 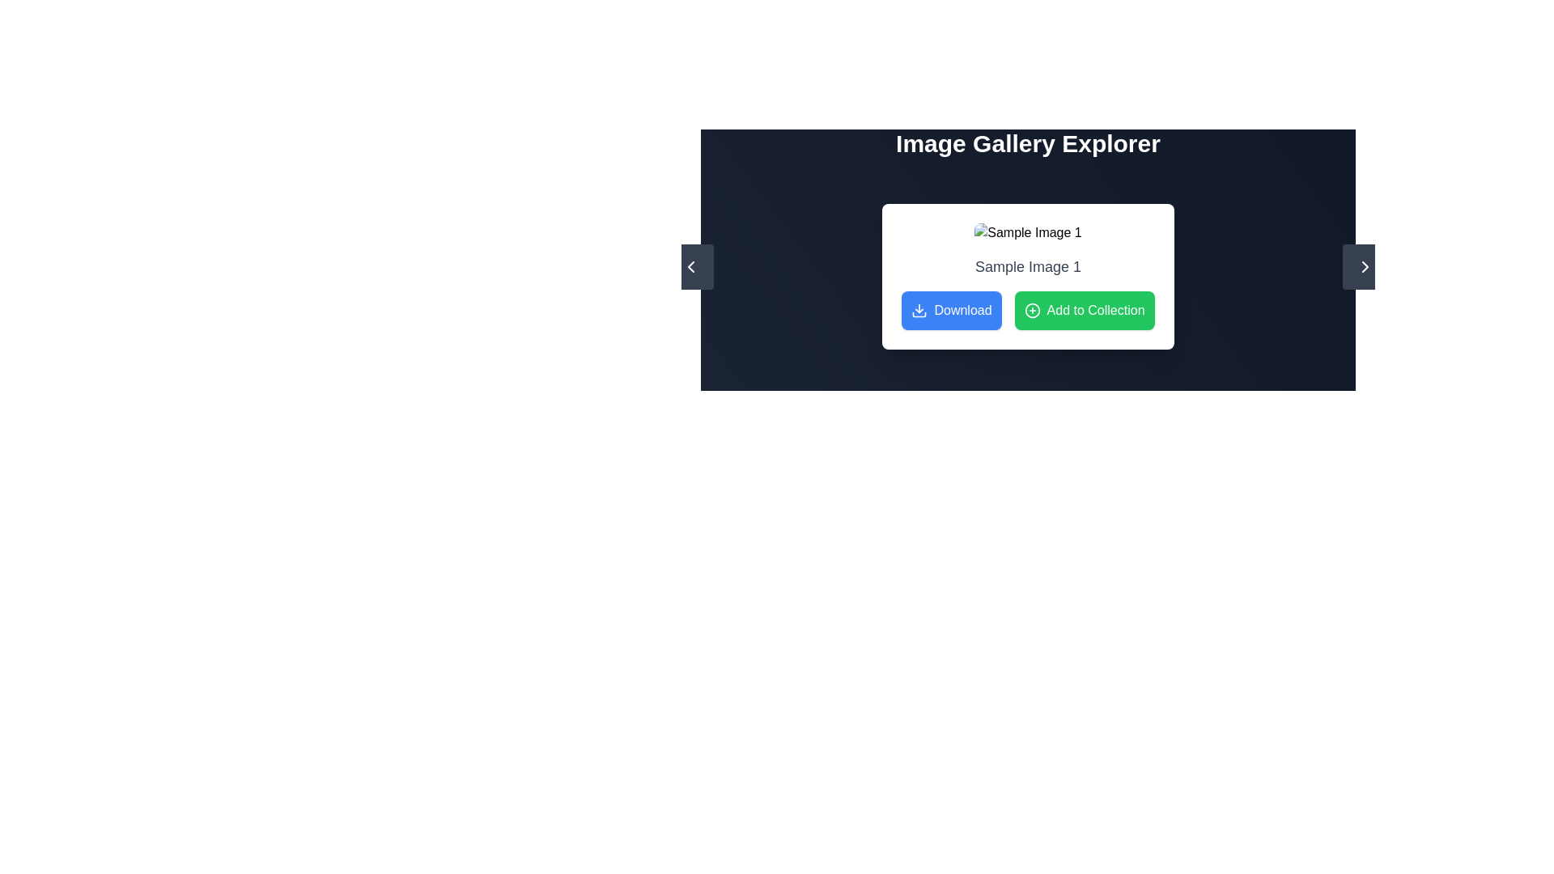 What do you see at coordinates (952, 311) in the screenshot?
I see `the blue 'Download' button with white text and a download icon to initiate the download action` at bounding box center [952, 311].